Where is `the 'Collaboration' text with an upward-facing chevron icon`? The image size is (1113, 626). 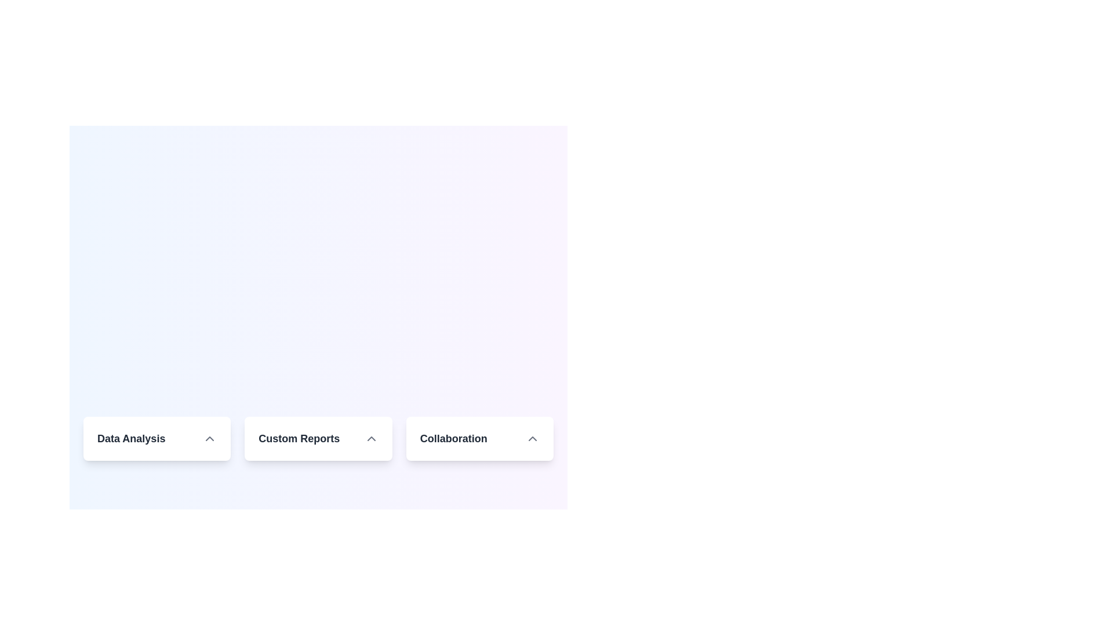 the 'Collaboration' text with an upward-facing chevron icon is located at coordinates (479, 438).